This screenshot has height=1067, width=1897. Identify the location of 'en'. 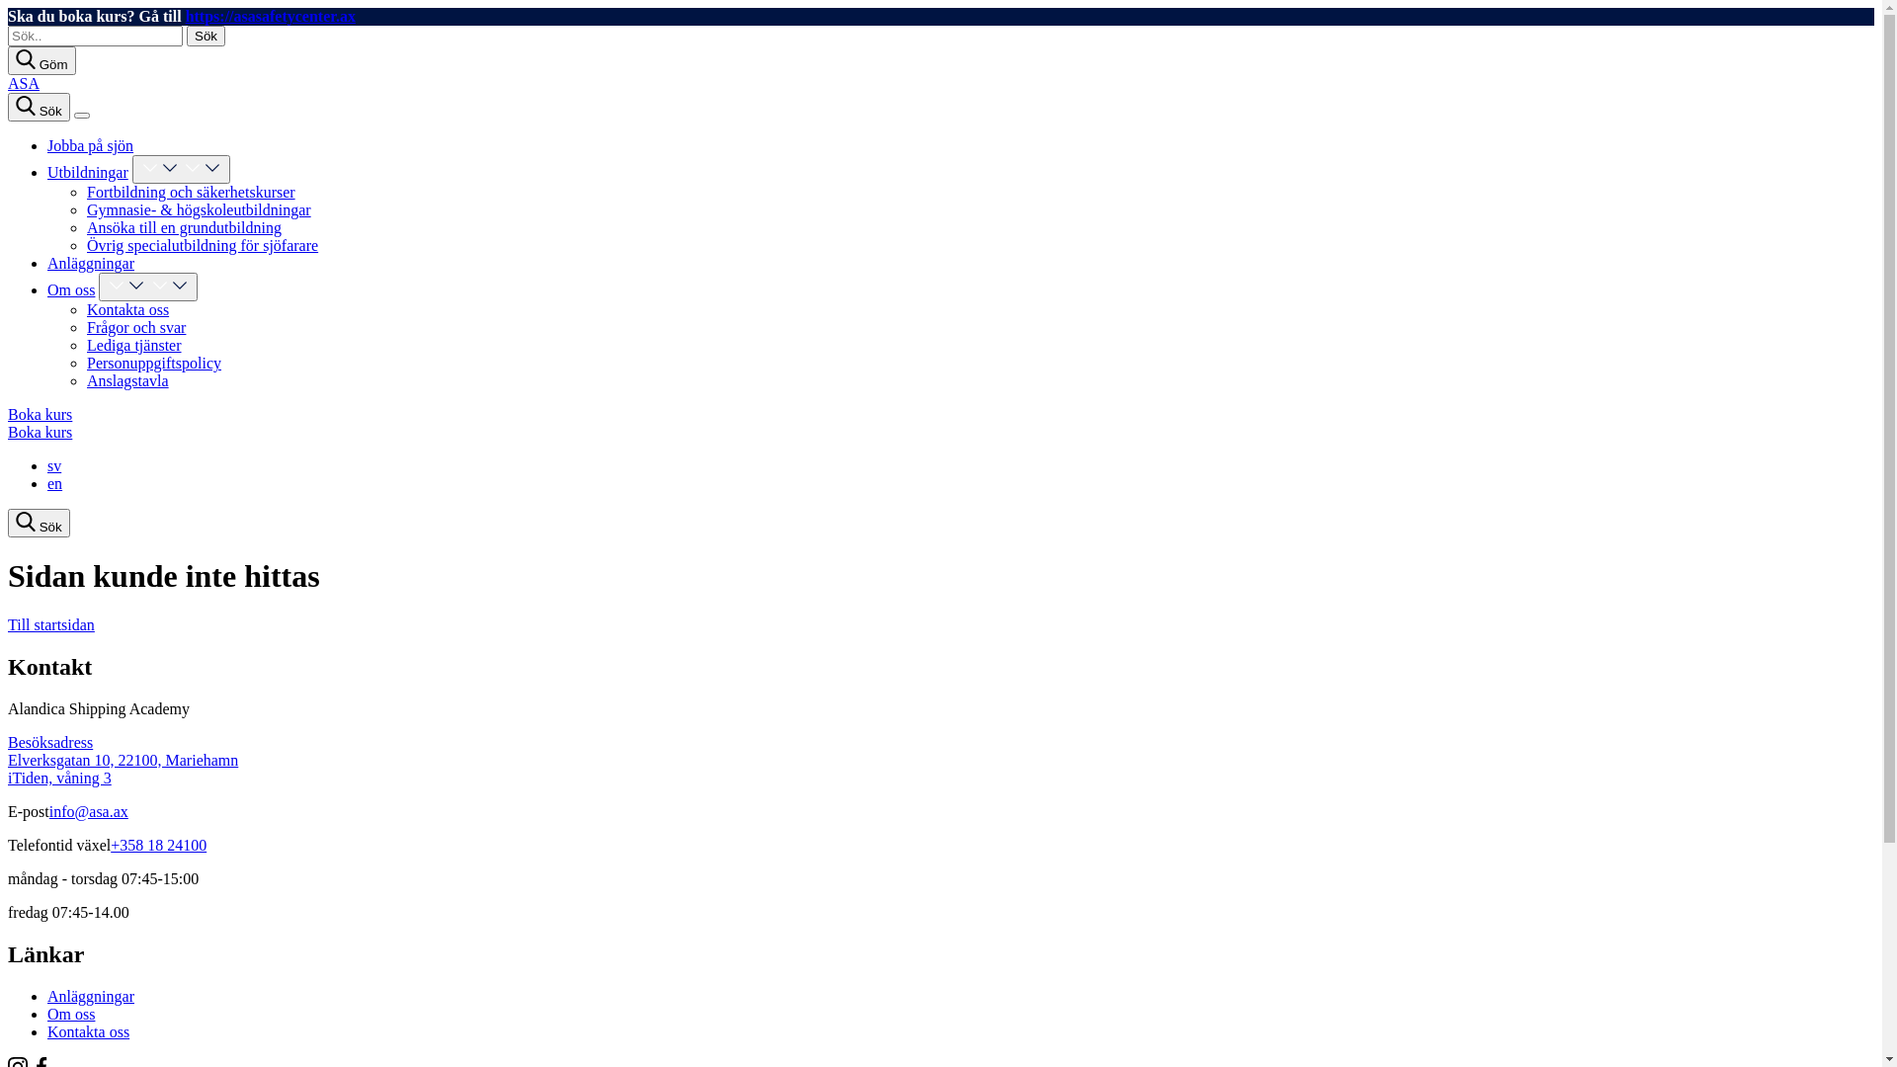
(54, 483).